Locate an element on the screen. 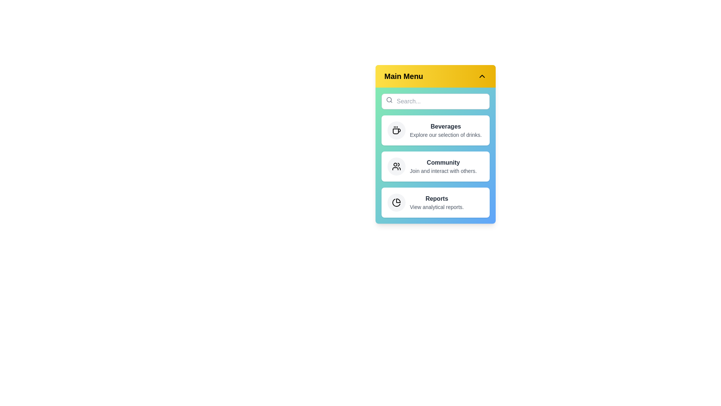  the menu item Community to view its details is located at coordinates (435, 166).